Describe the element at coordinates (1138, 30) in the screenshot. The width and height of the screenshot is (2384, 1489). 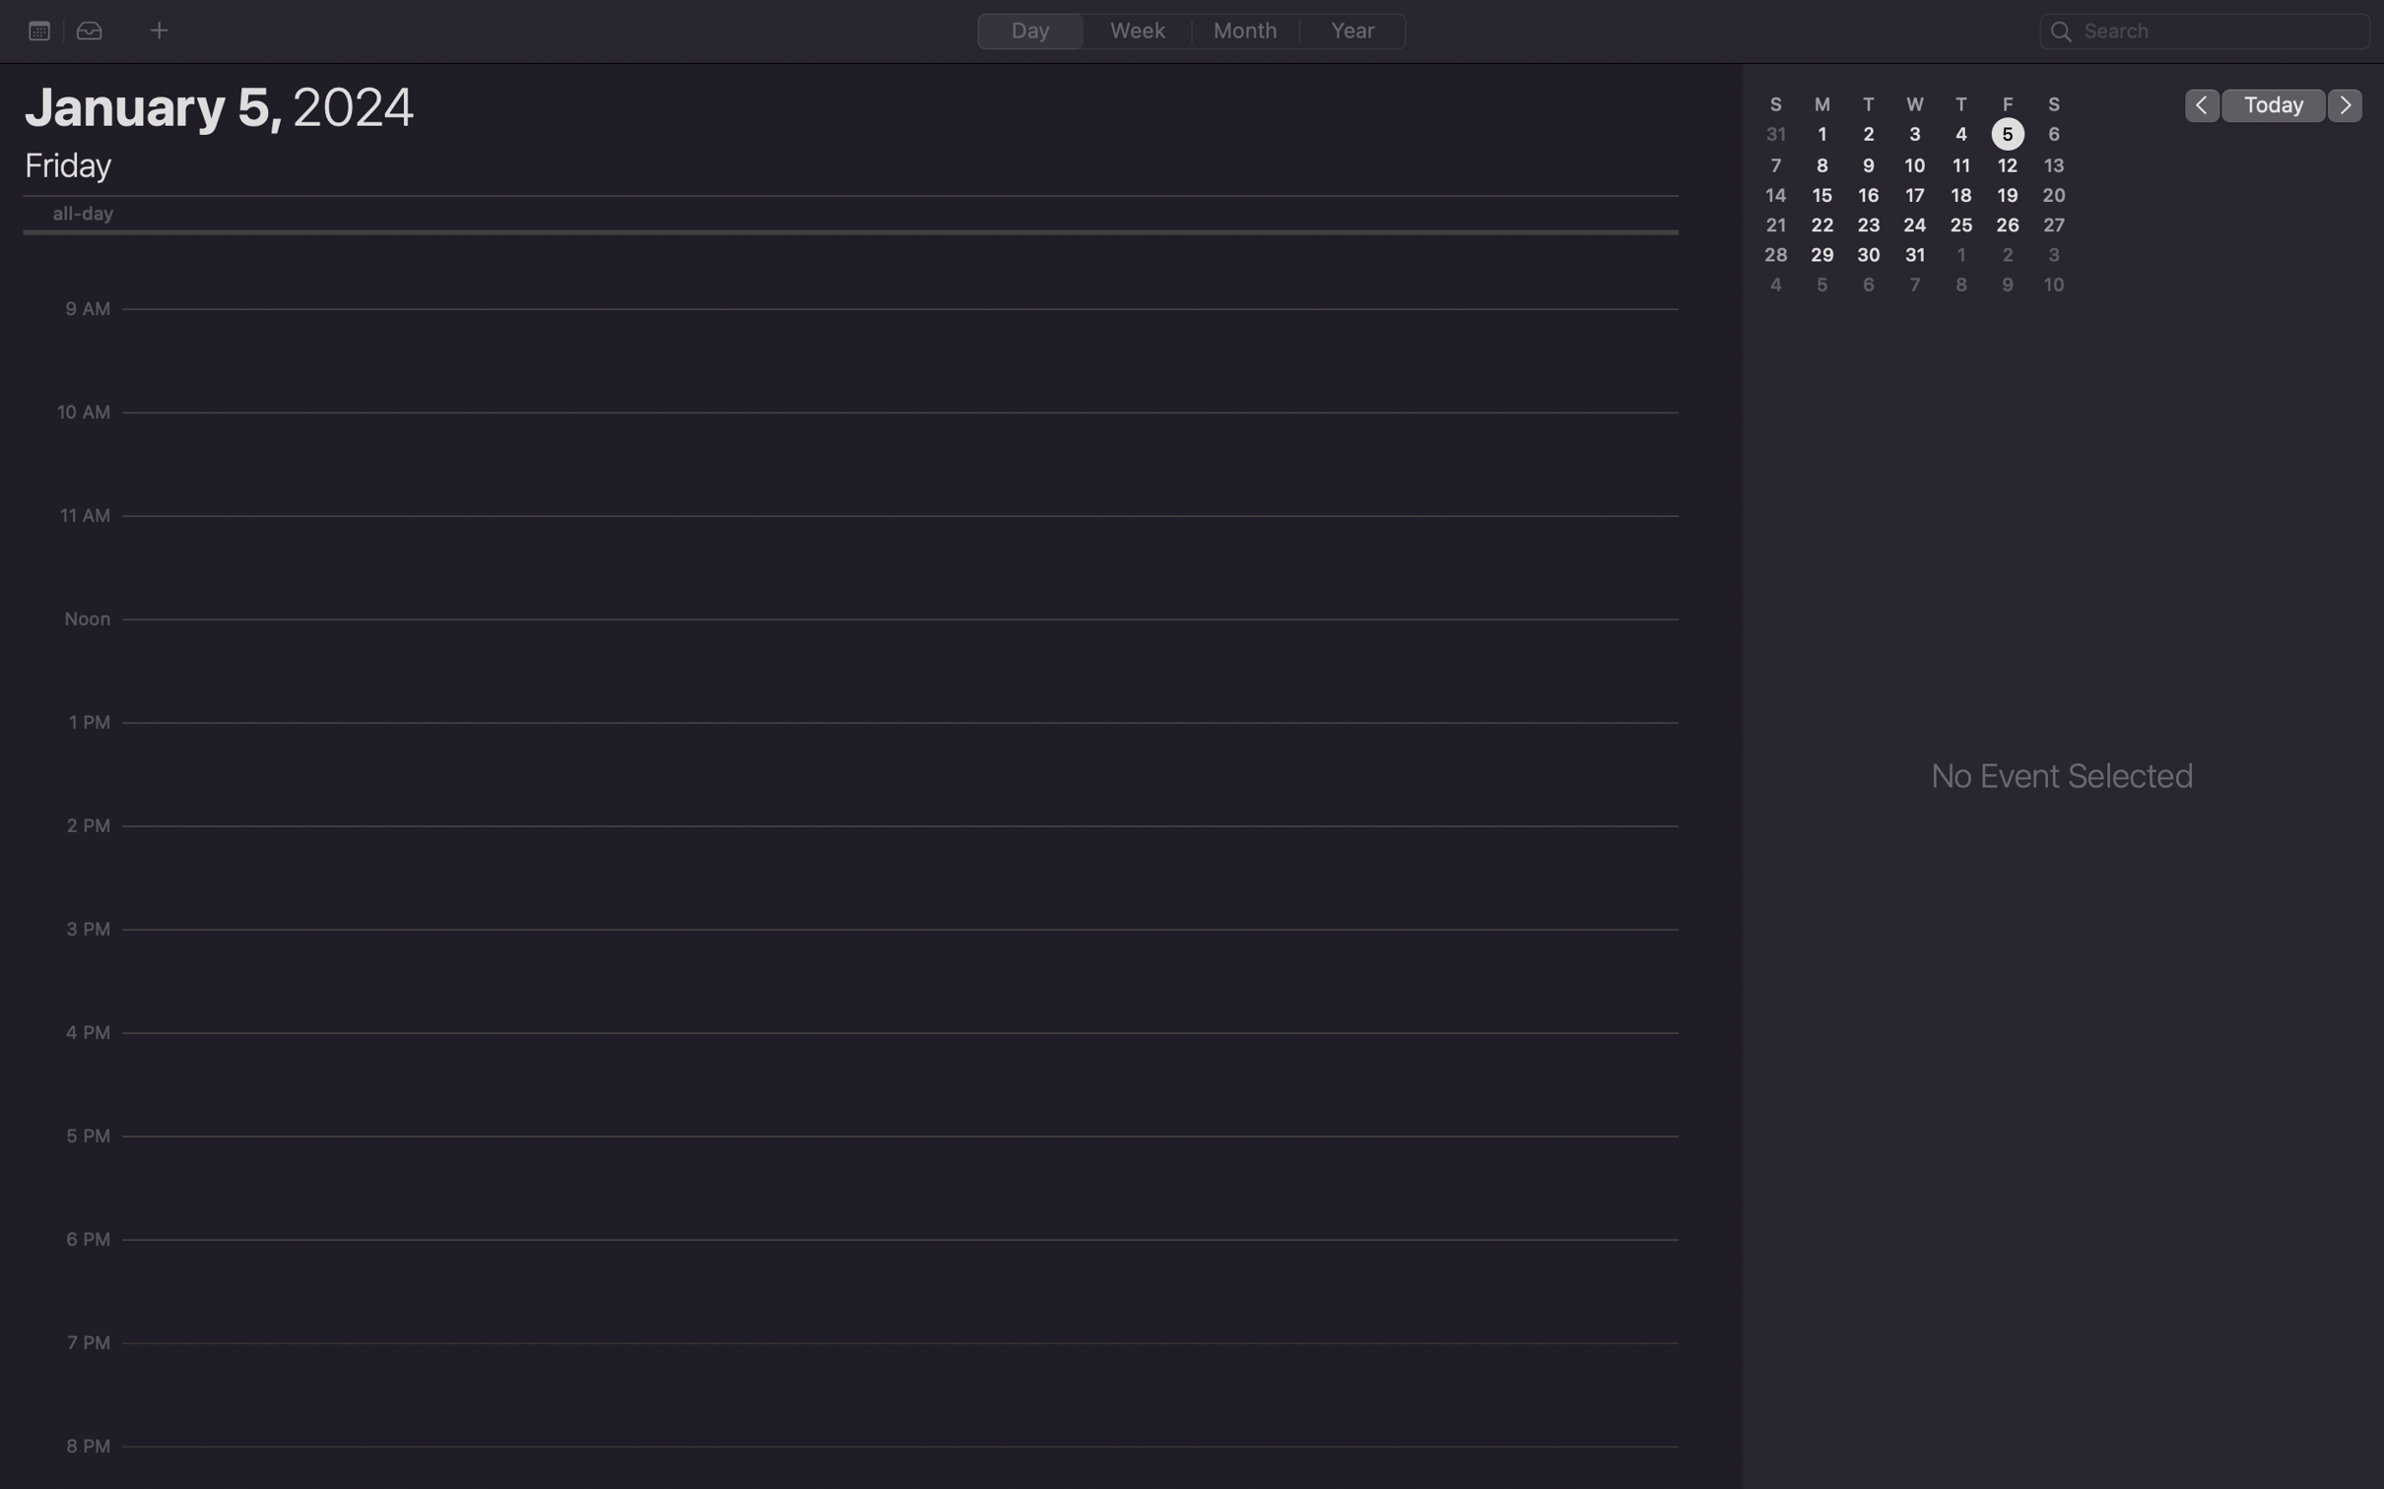
I see `the weekly schedule section` at that location.